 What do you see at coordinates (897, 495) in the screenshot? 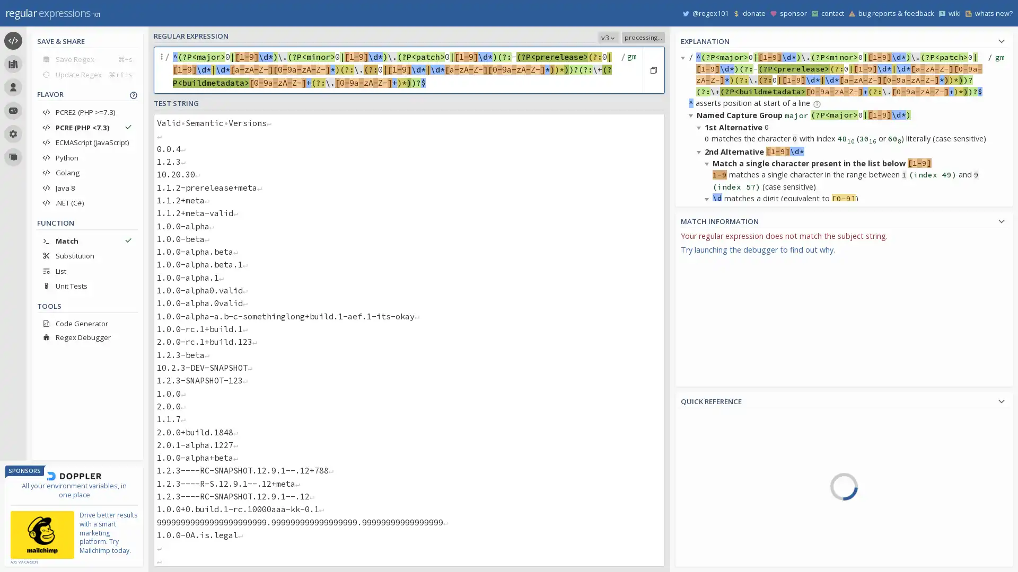
I see `Any single character .` at bounding box center [897, 495].